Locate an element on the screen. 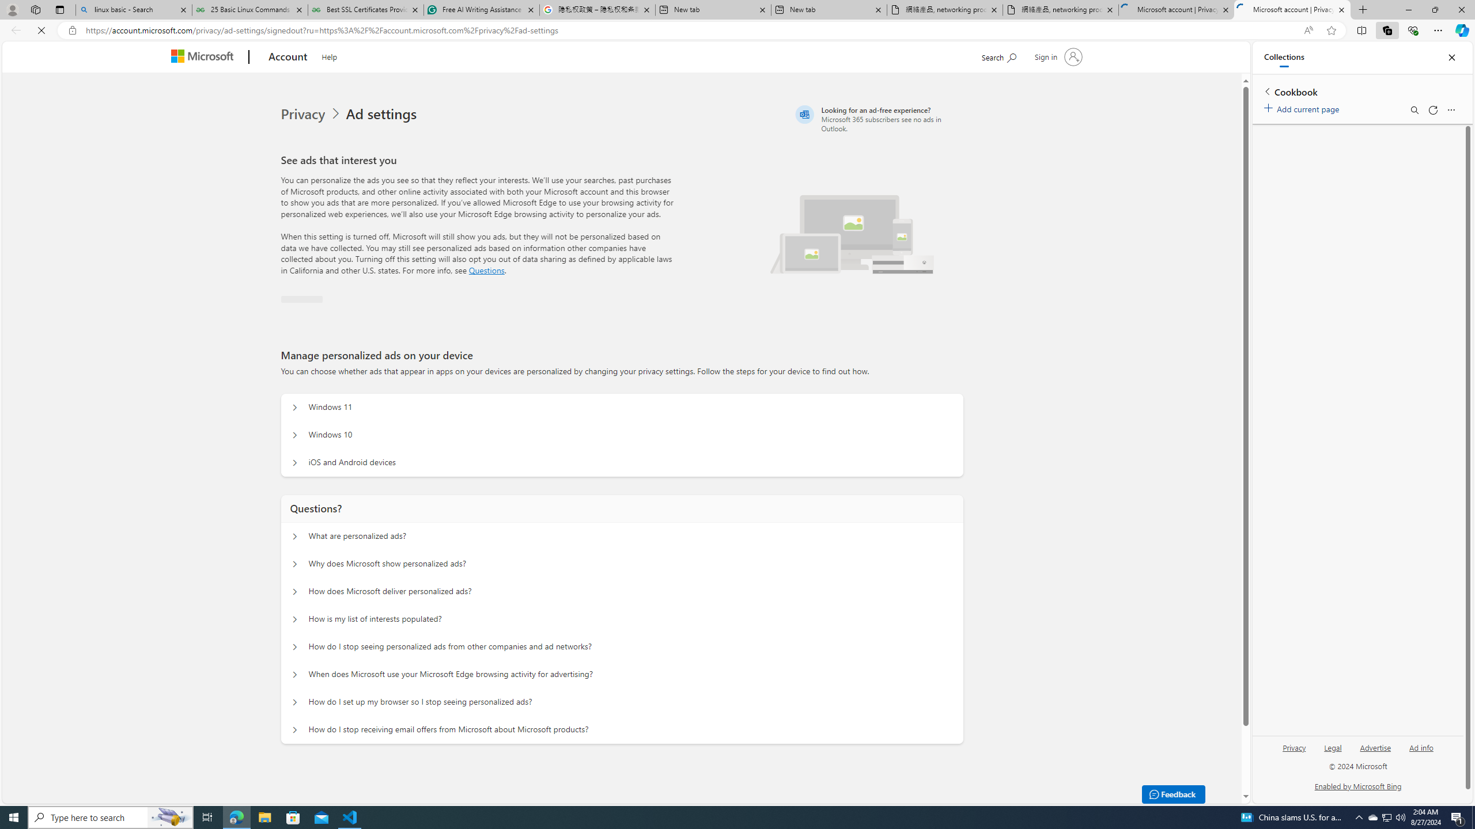  'Search Microsoft.com' is located at coordinates (1020, 55).